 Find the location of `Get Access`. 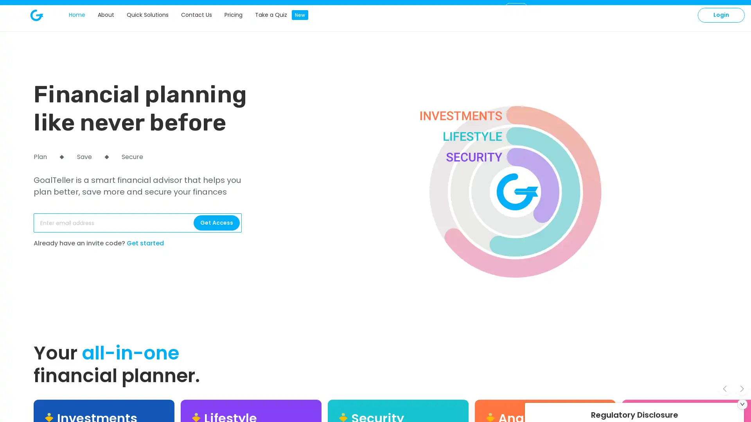

Get Access is located at coordinates (216, 223).